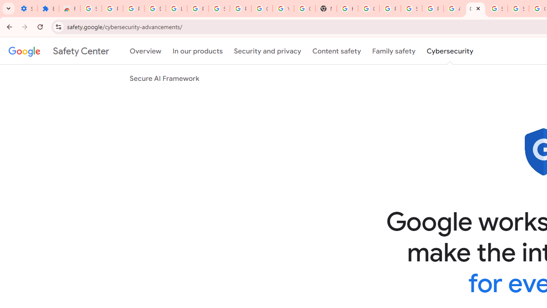 The image size is (547, 308). What do you see at coordinates (197, 51) in the screenshot?
I see `'In our products'` at bounding box center [197, 51].